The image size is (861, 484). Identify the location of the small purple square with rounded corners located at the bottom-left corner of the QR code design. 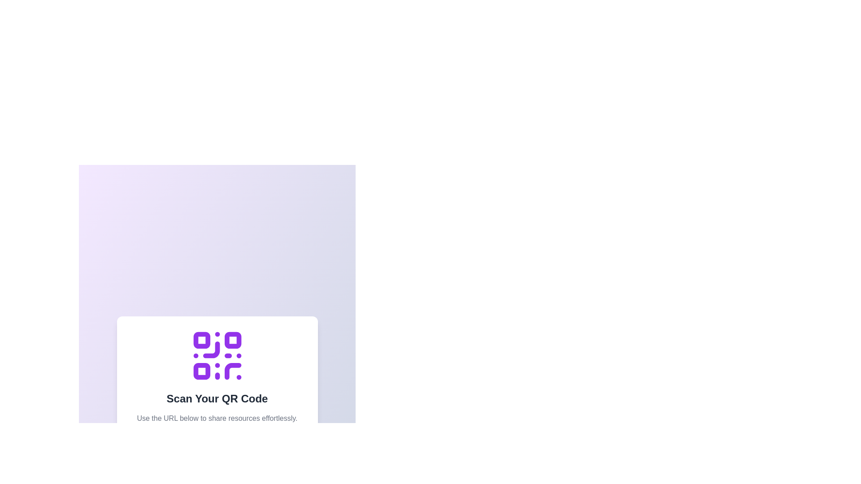
(201, 371).